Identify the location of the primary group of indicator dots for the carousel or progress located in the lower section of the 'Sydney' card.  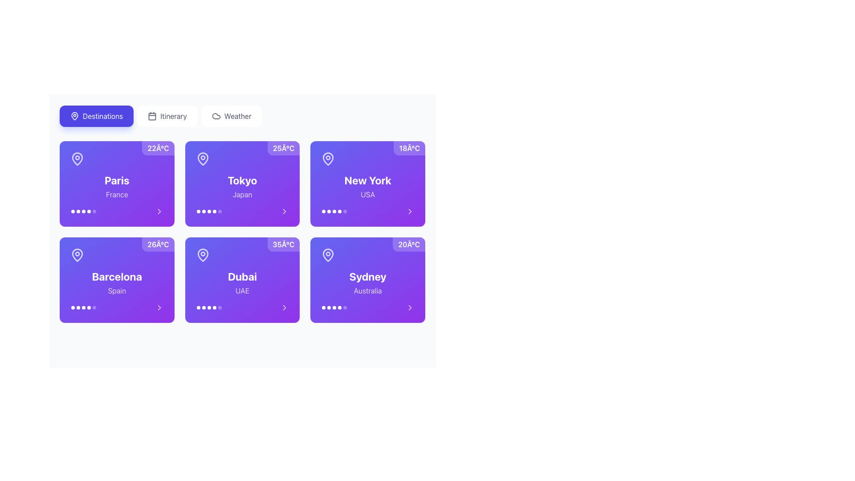
(334, 307).